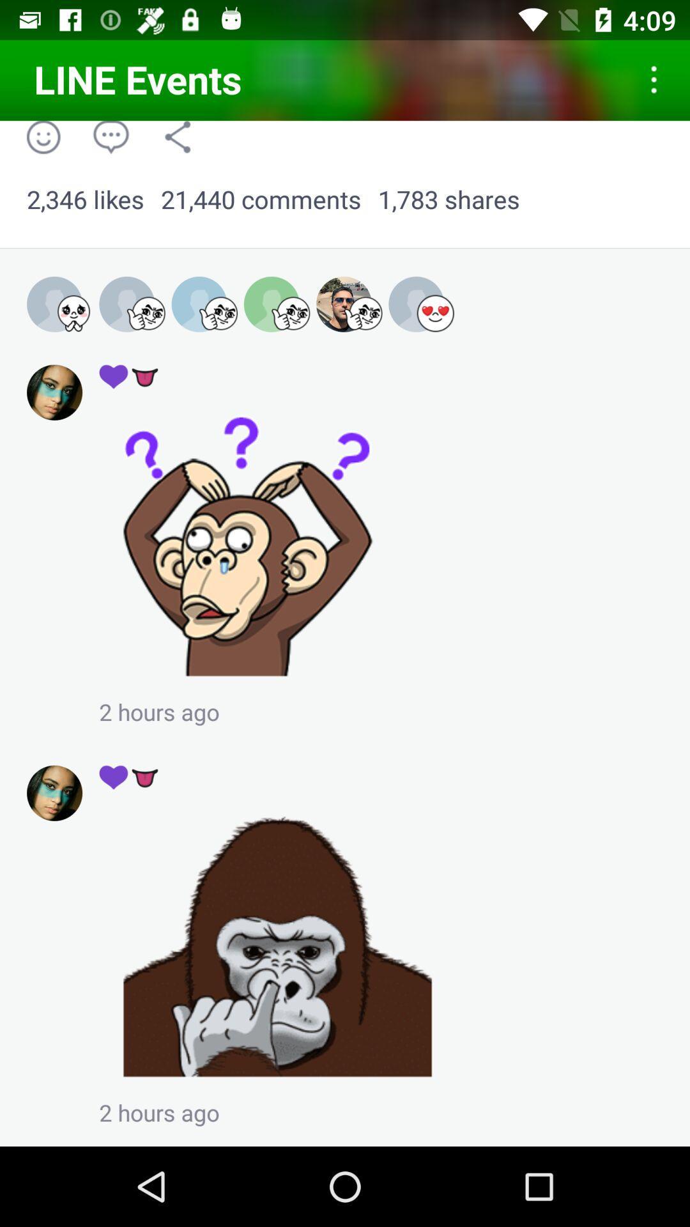  I want to click on share the article, so click(277, 946).